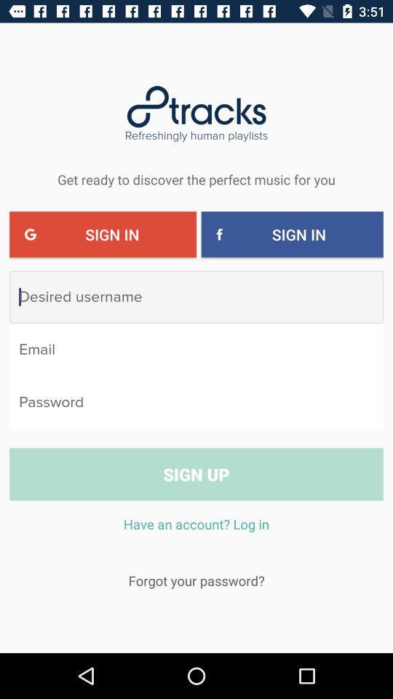  Describe the element at coordinates (196, 402) in the screenshot. I see `password` at that location.